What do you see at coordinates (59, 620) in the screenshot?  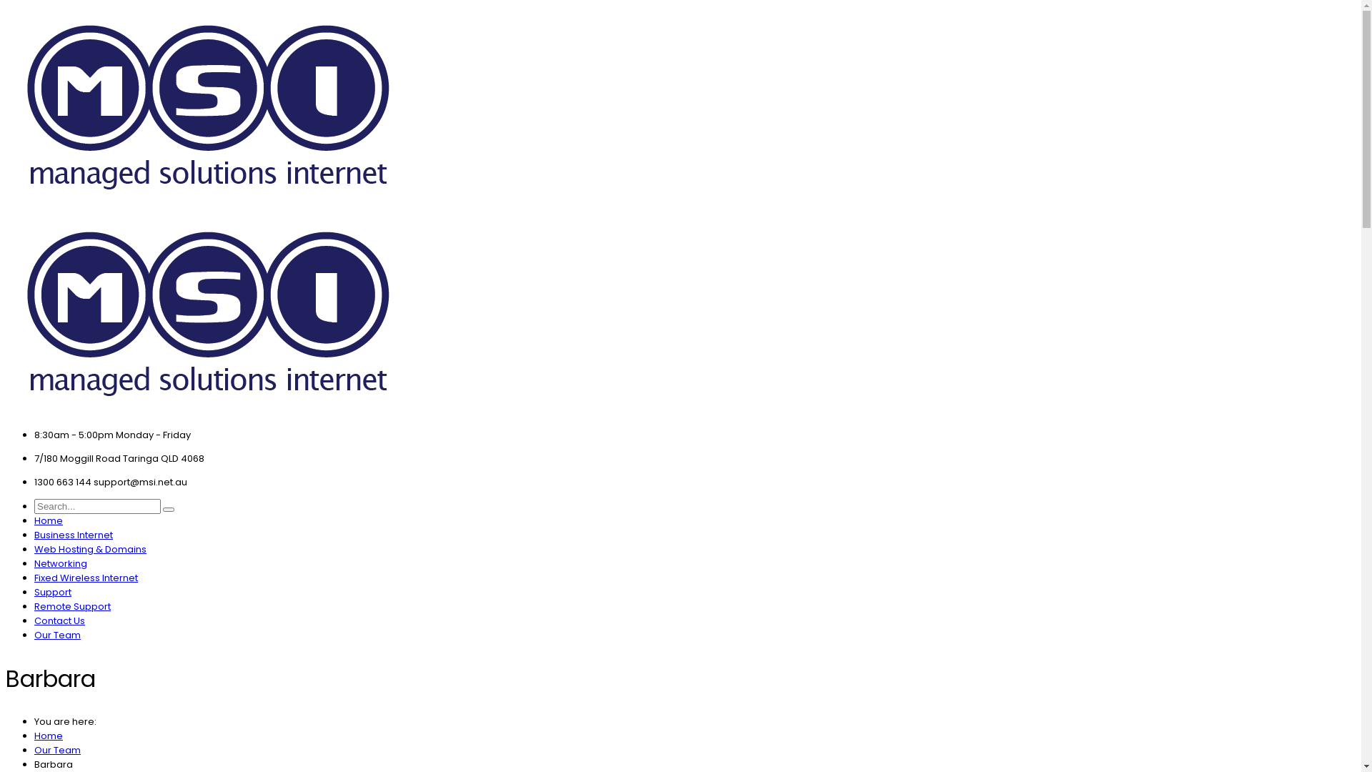 I see `'Contact Us'` at bounding box center [59, 620].